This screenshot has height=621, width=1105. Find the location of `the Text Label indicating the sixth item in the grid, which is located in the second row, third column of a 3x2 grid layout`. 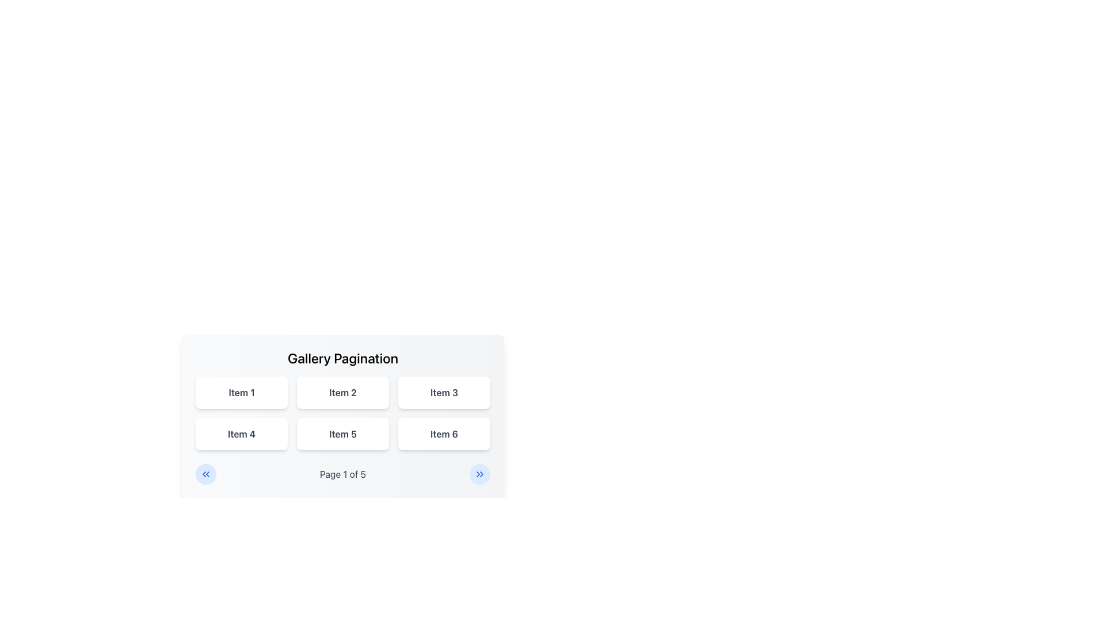

the Text Label indicating the sixth item in the grid, which is located in the second row, third column of a 3x2 grid layout is located at coordinates (444, 434).